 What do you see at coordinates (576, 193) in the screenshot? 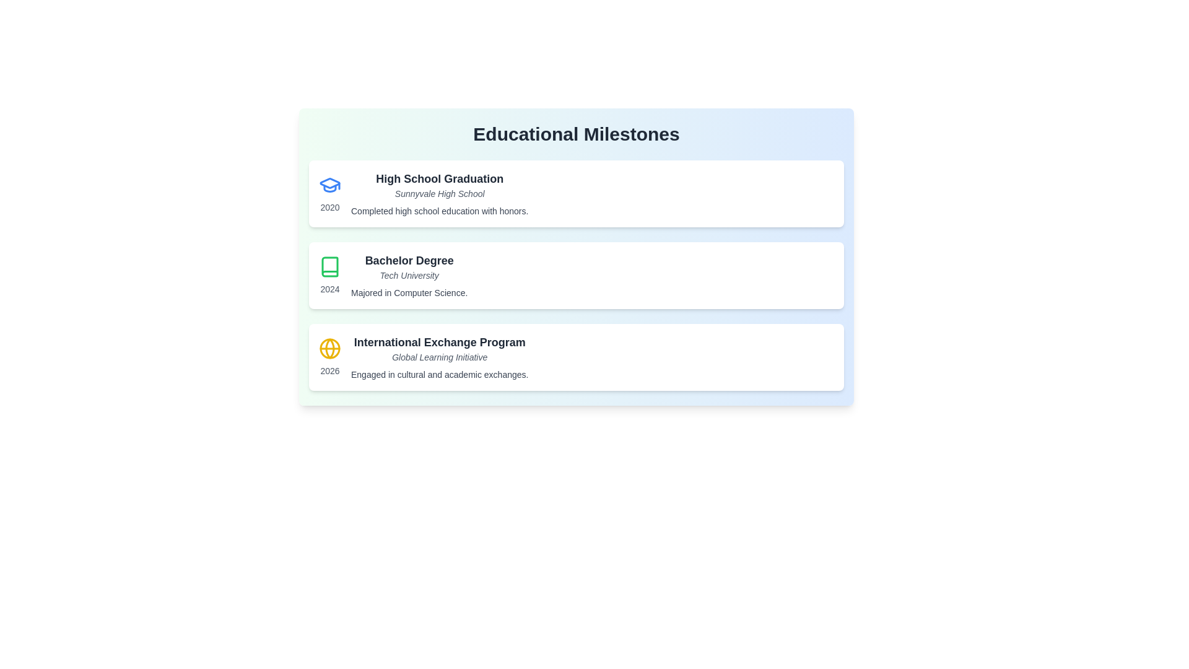
I see `details of the educational achievement card displaying 'High School Graduation' from 'Sunnyvale High School' for the year 2020, which is the first card in the list under 'Educational Milestones'` at bounding box center [576, 193].